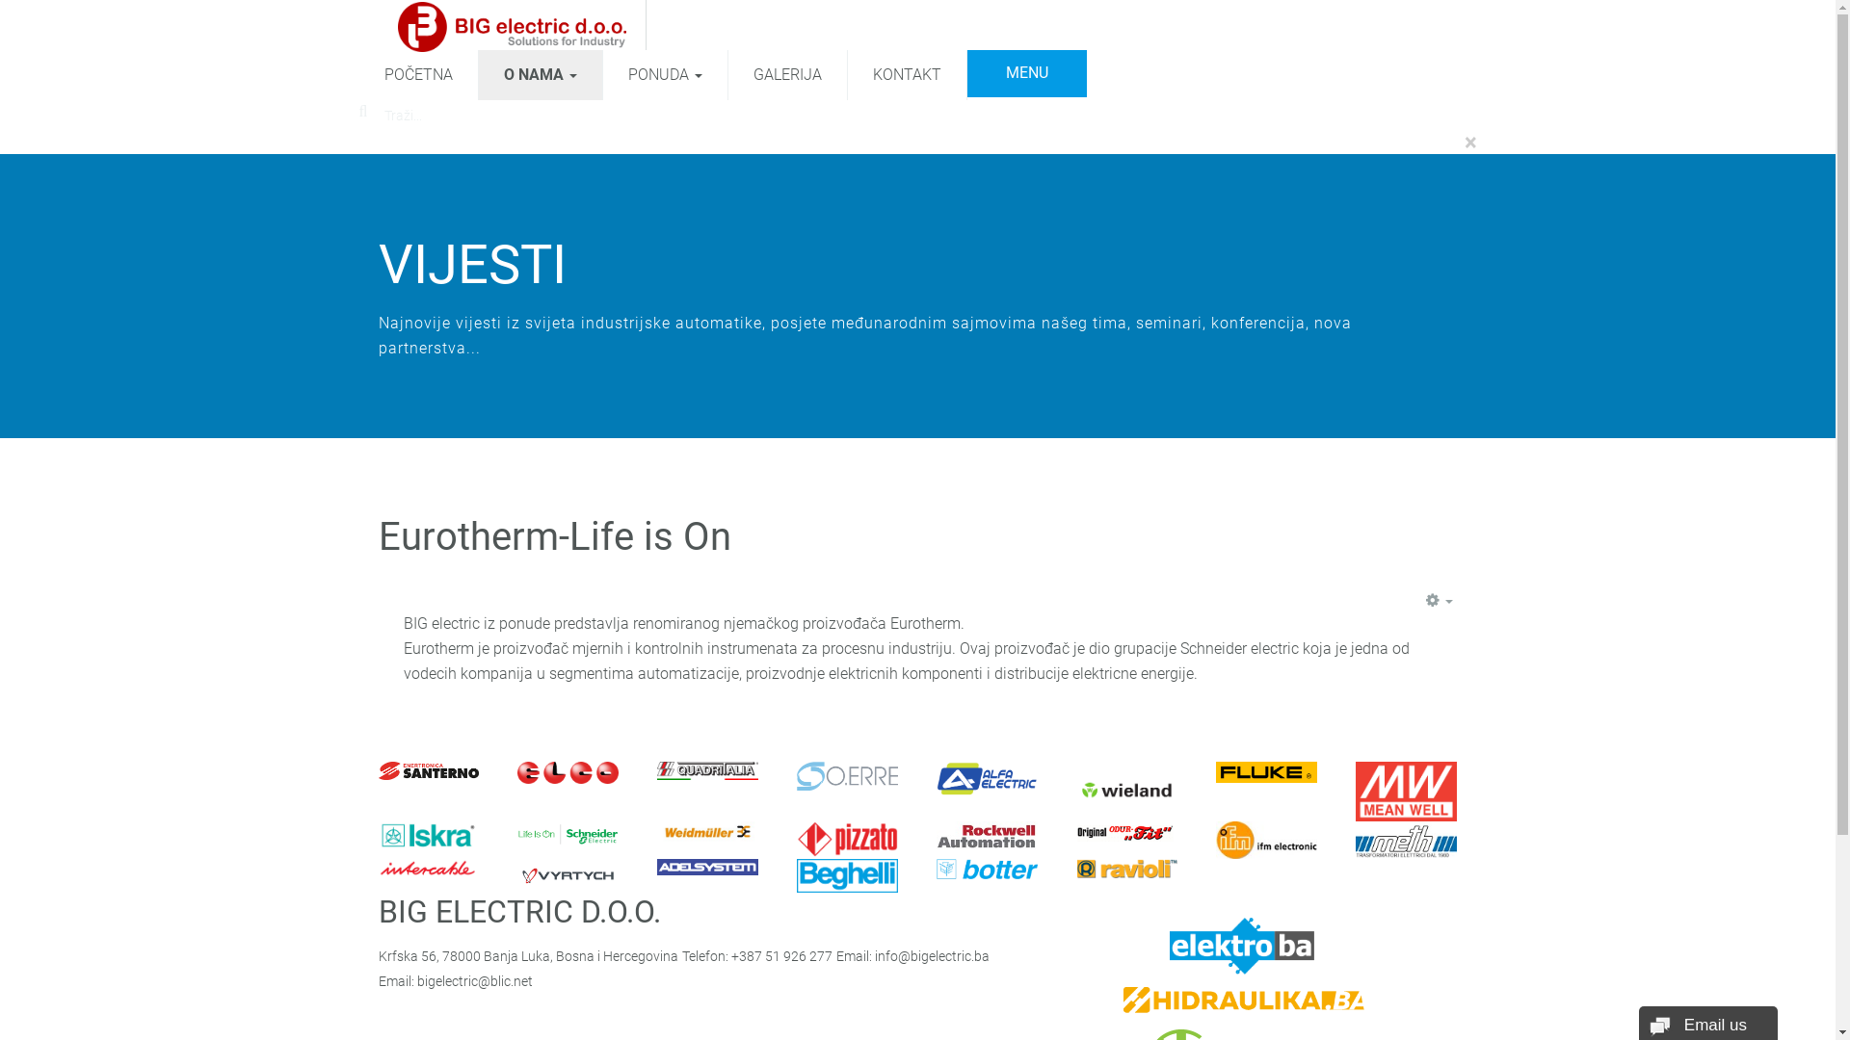 This screenshot has width=1850, height=1040. I want to click on 'O NAMA', so click(540, 73).